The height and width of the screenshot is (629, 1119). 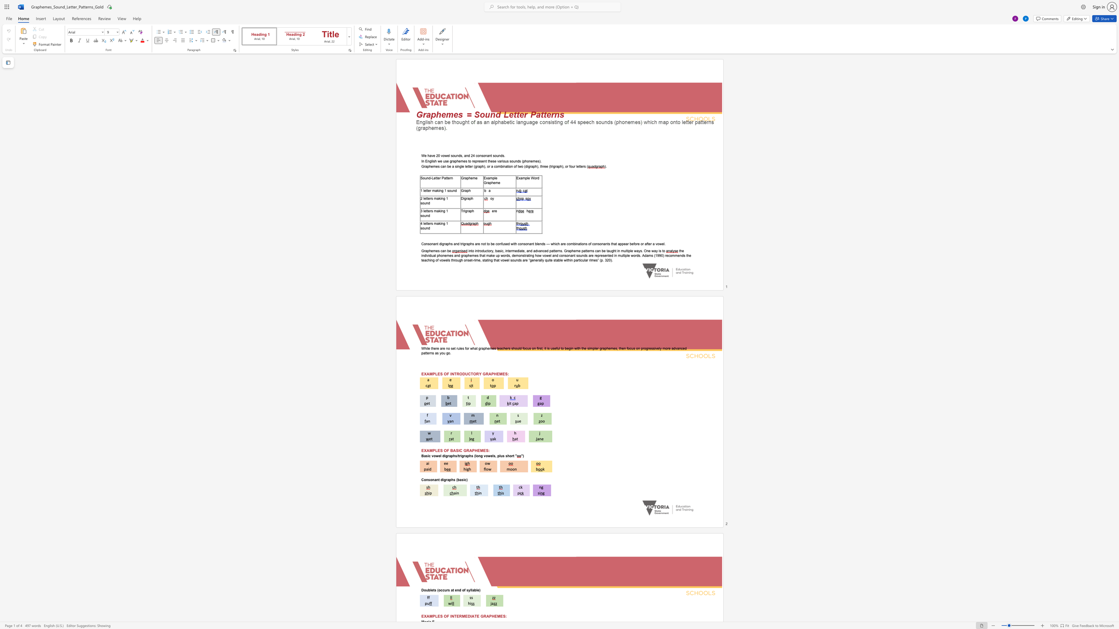 I want to click on the subset text "emes" within the text "these various sounds (phonemes).", so click(x=531, y=161).